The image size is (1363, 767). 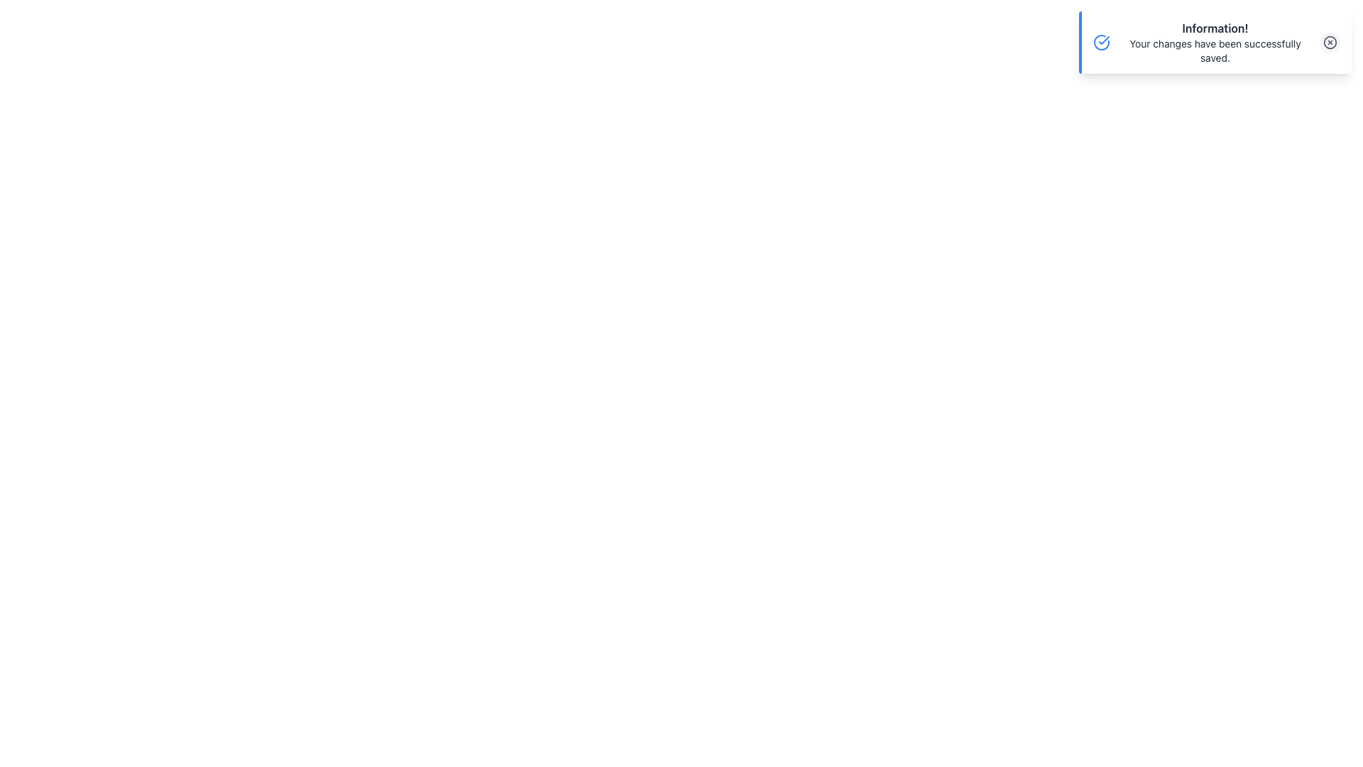 I want to click on the small circular button with an 'X' icon at the top-right corner of the notification box, so click(x=1329, y=42).